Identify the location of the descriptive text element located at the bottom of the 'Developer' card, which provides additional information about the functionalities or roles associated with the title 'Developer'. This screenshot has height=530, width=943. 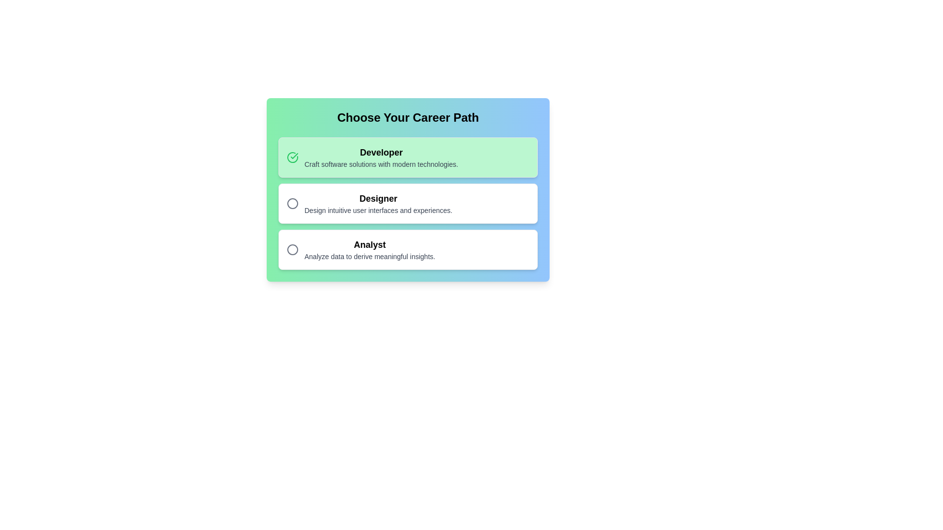
(381, 164).